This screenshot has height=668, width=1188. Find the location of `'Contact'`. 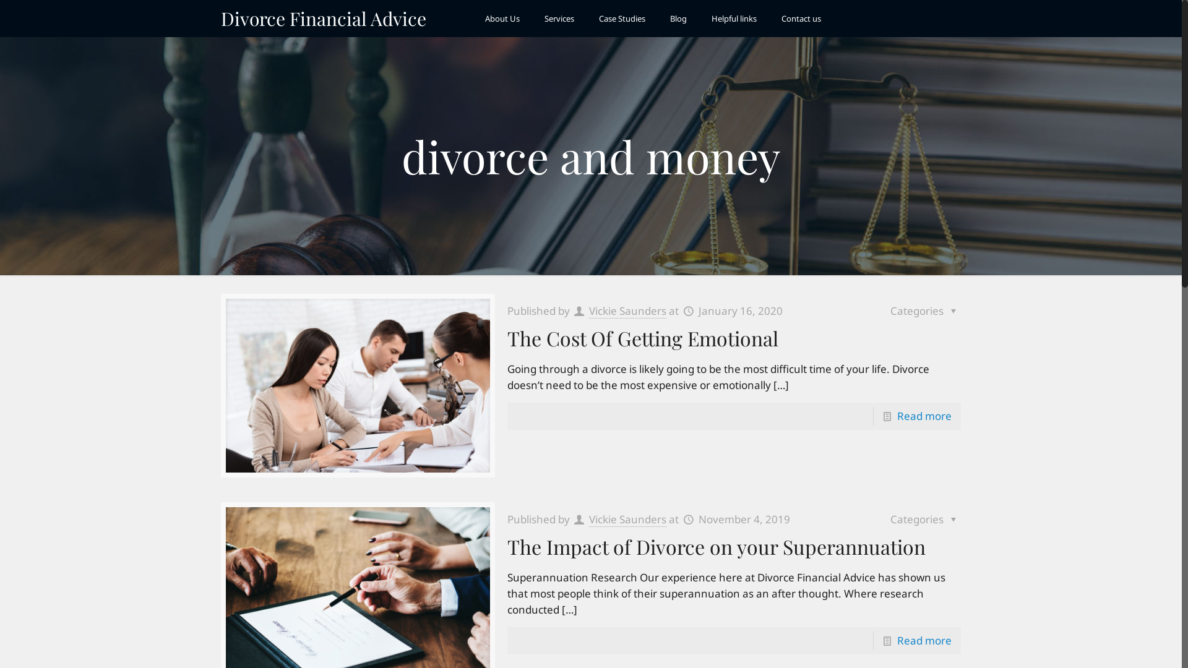

'Contact' is located at coordinates (430, 551).